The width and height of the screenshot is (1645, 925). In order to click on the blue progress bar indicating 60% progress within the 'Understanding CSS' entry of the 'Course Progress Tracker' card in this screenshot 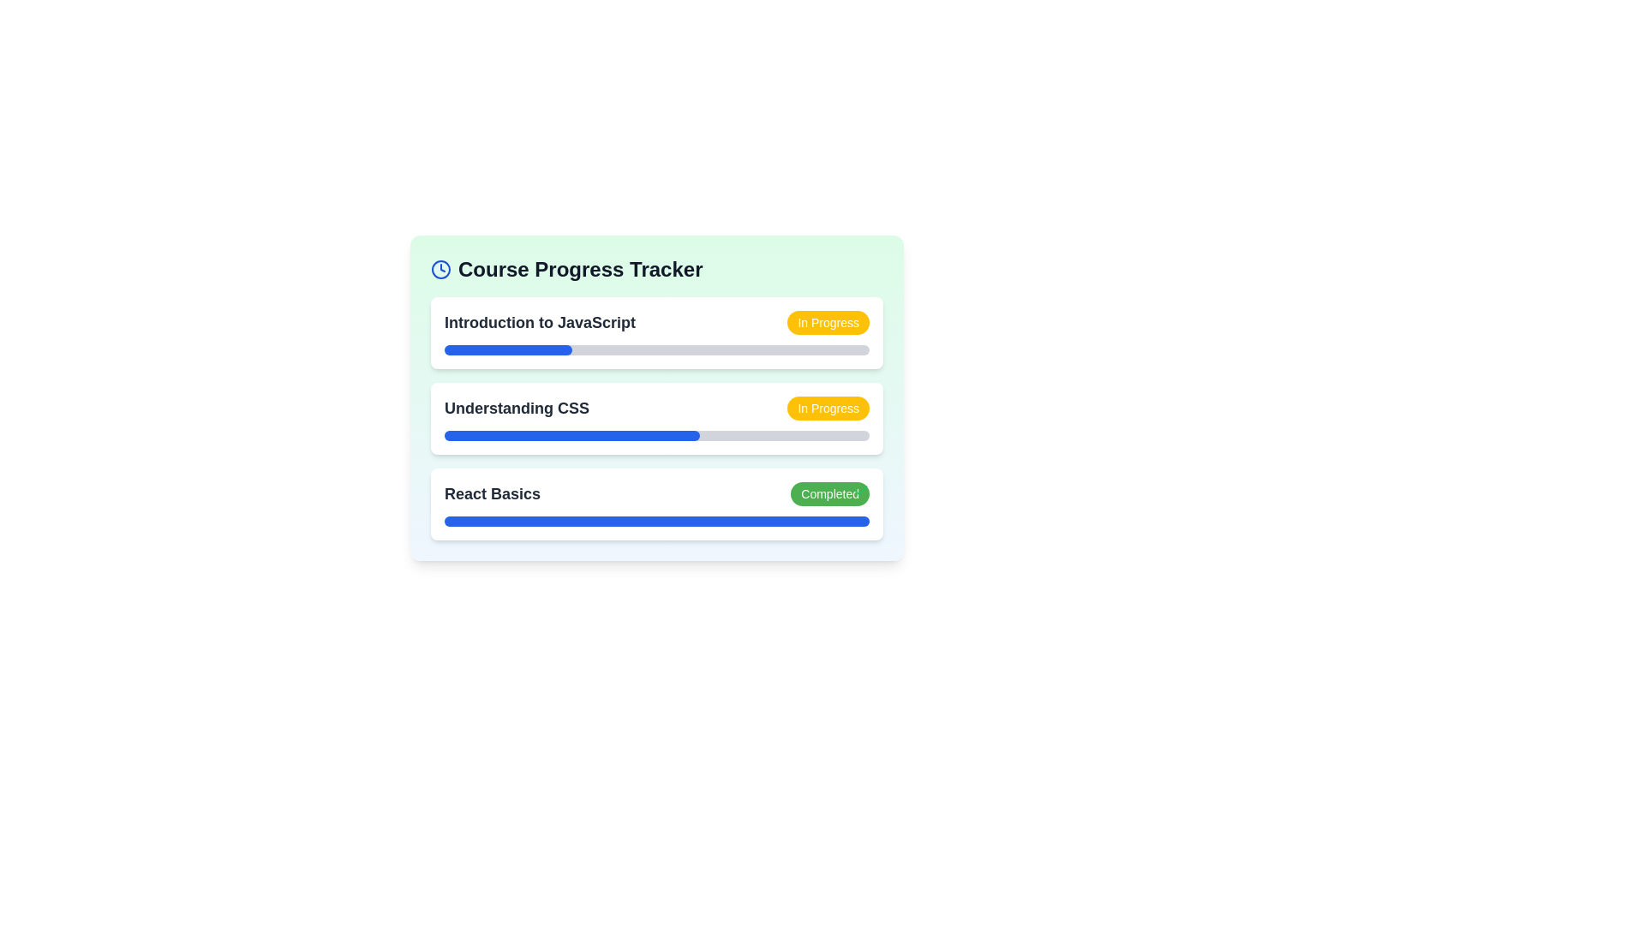, I will do `click(571, 435)`.